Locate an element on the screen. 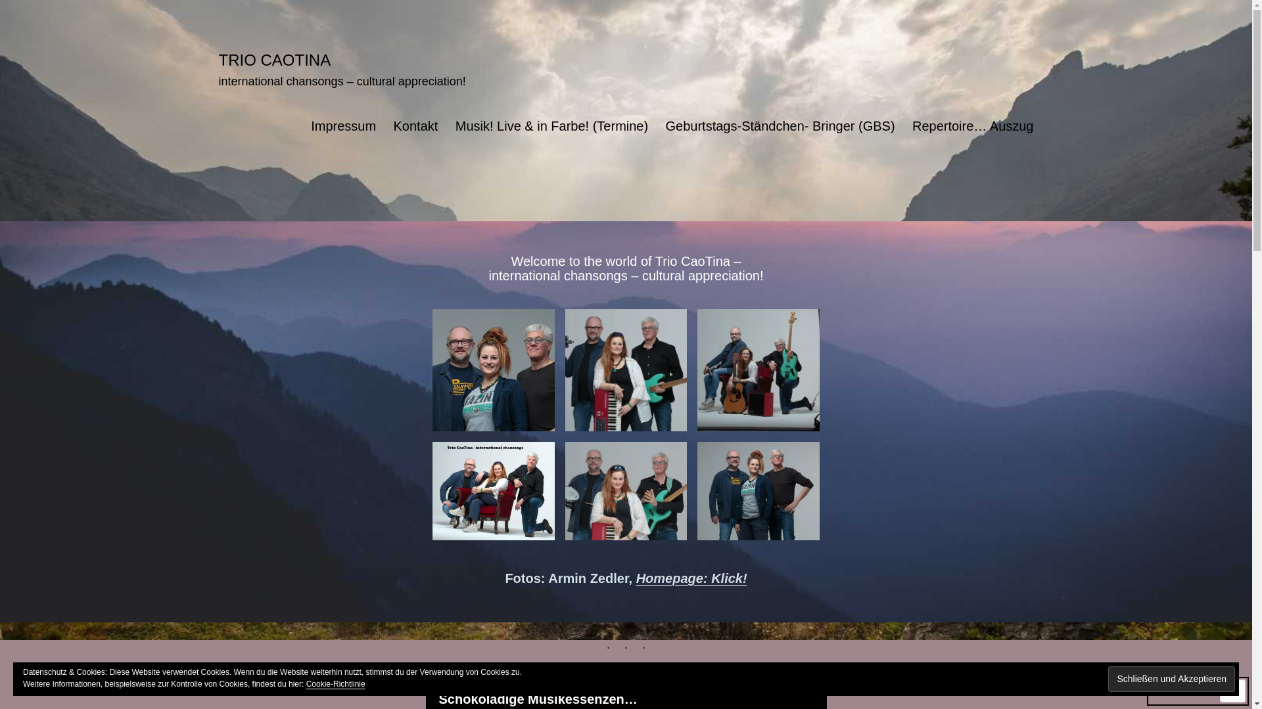 The image size is (1262, 709). 'Homepage: Klick!' is located at coordinates (691, 577).